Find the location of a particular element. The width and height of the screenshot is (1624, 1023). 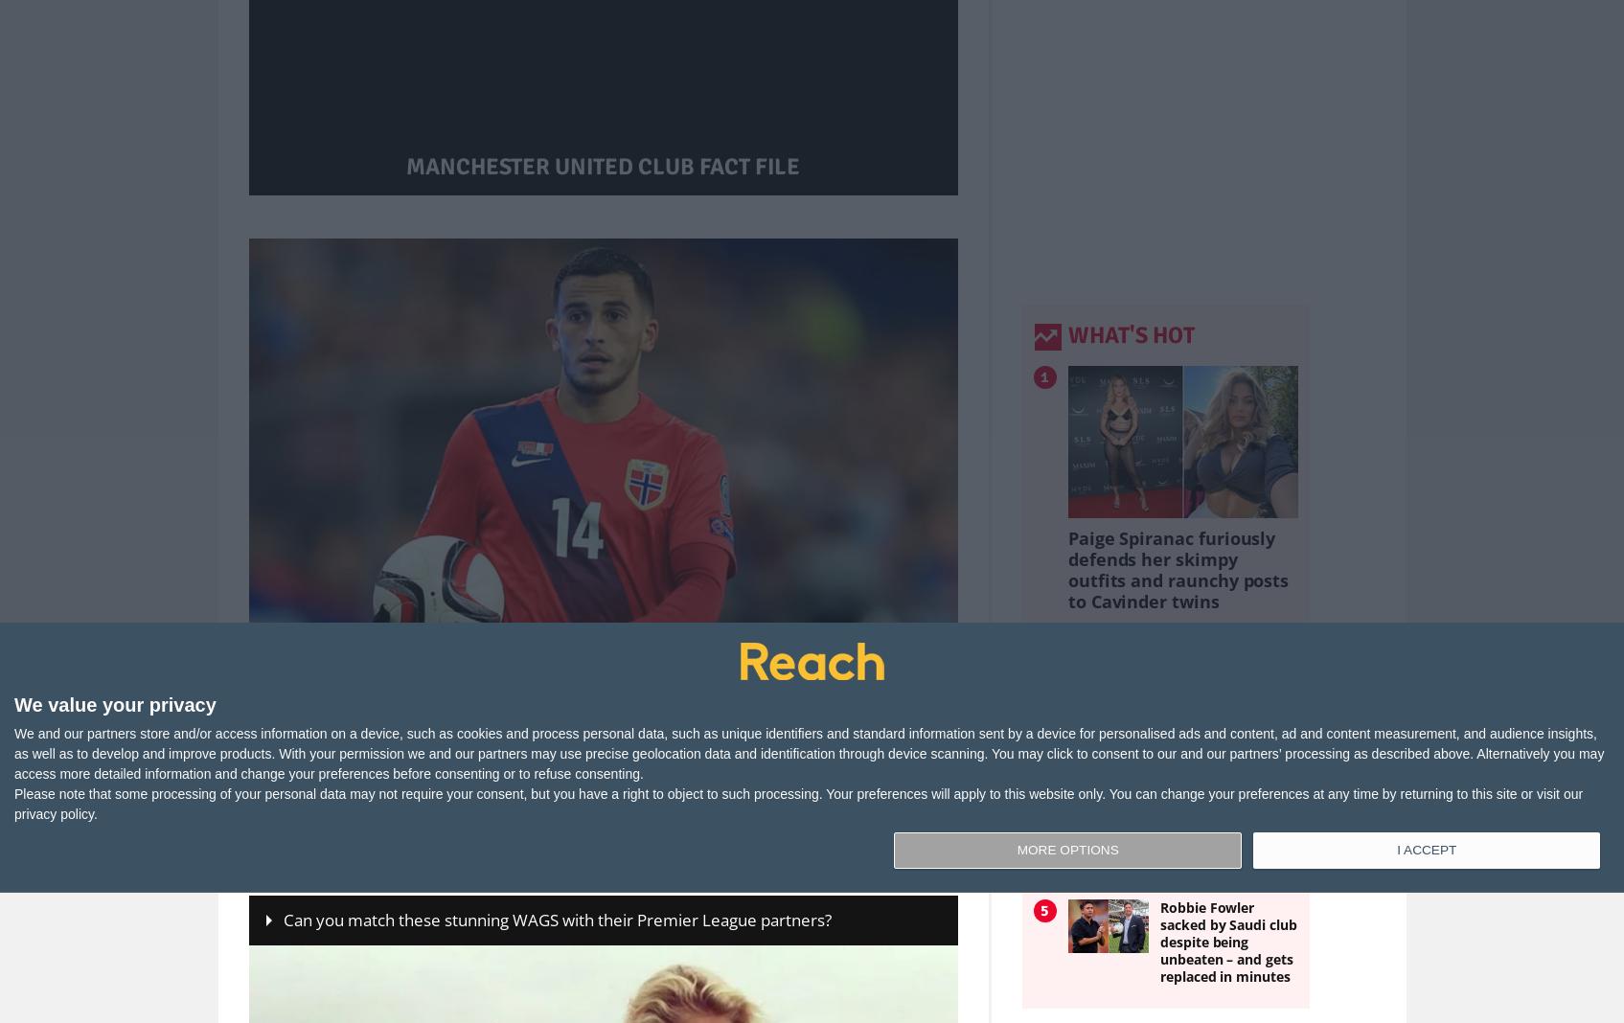

'Or by navigating to the user icon in the top right.' is located at coordinates (806, 819).